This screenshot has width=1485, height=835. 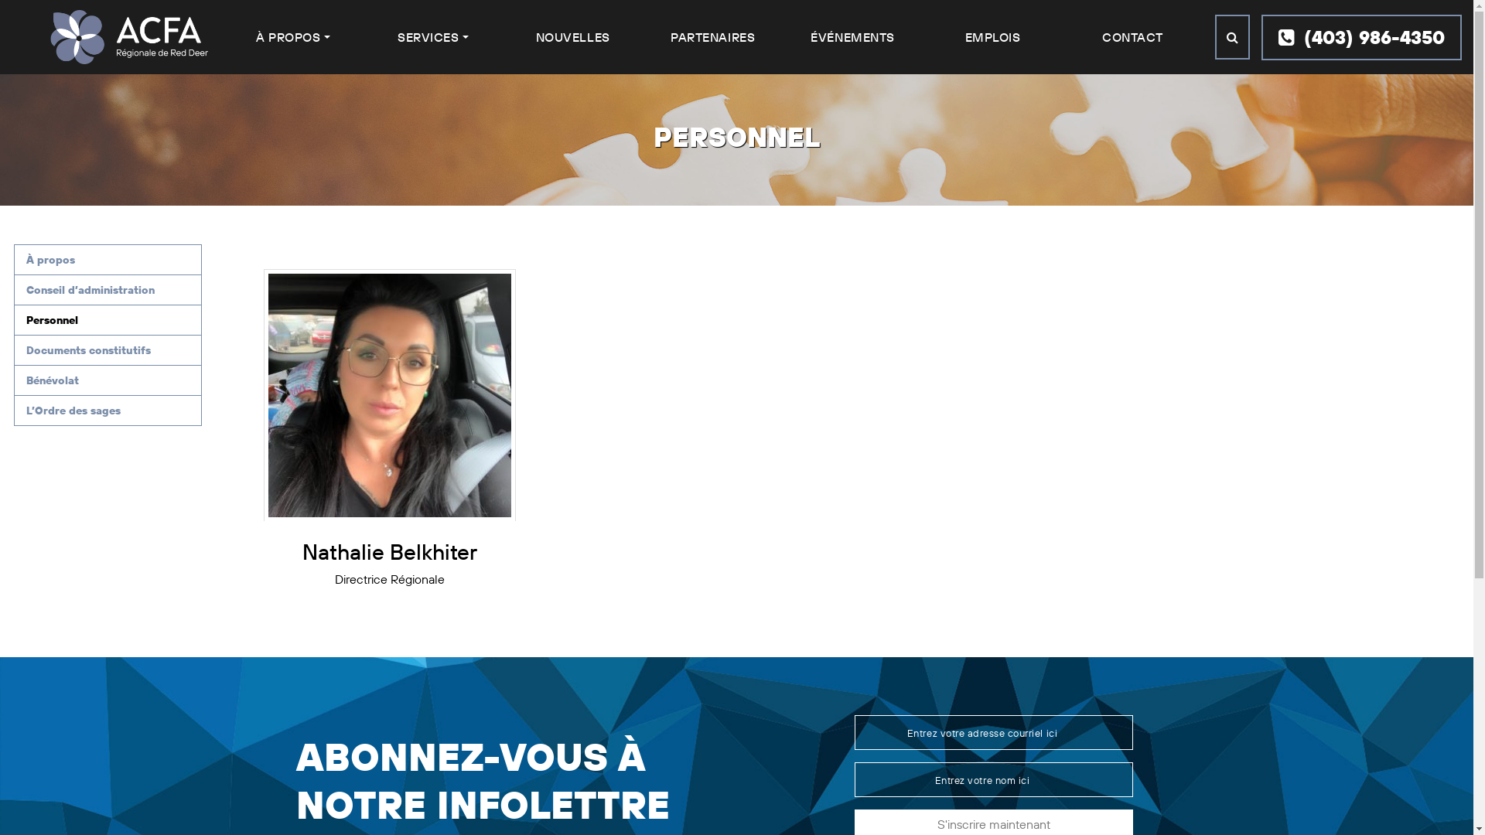 I want to click on 'SERVICES', so click(x=386, y=36).